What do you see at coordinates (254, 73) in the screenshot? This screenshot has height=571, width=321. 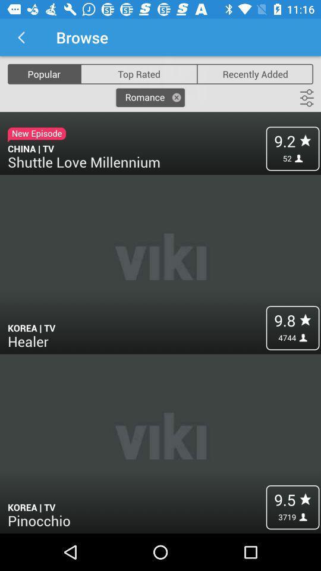 I see `recently added icon` at bounding box center [254, 73].